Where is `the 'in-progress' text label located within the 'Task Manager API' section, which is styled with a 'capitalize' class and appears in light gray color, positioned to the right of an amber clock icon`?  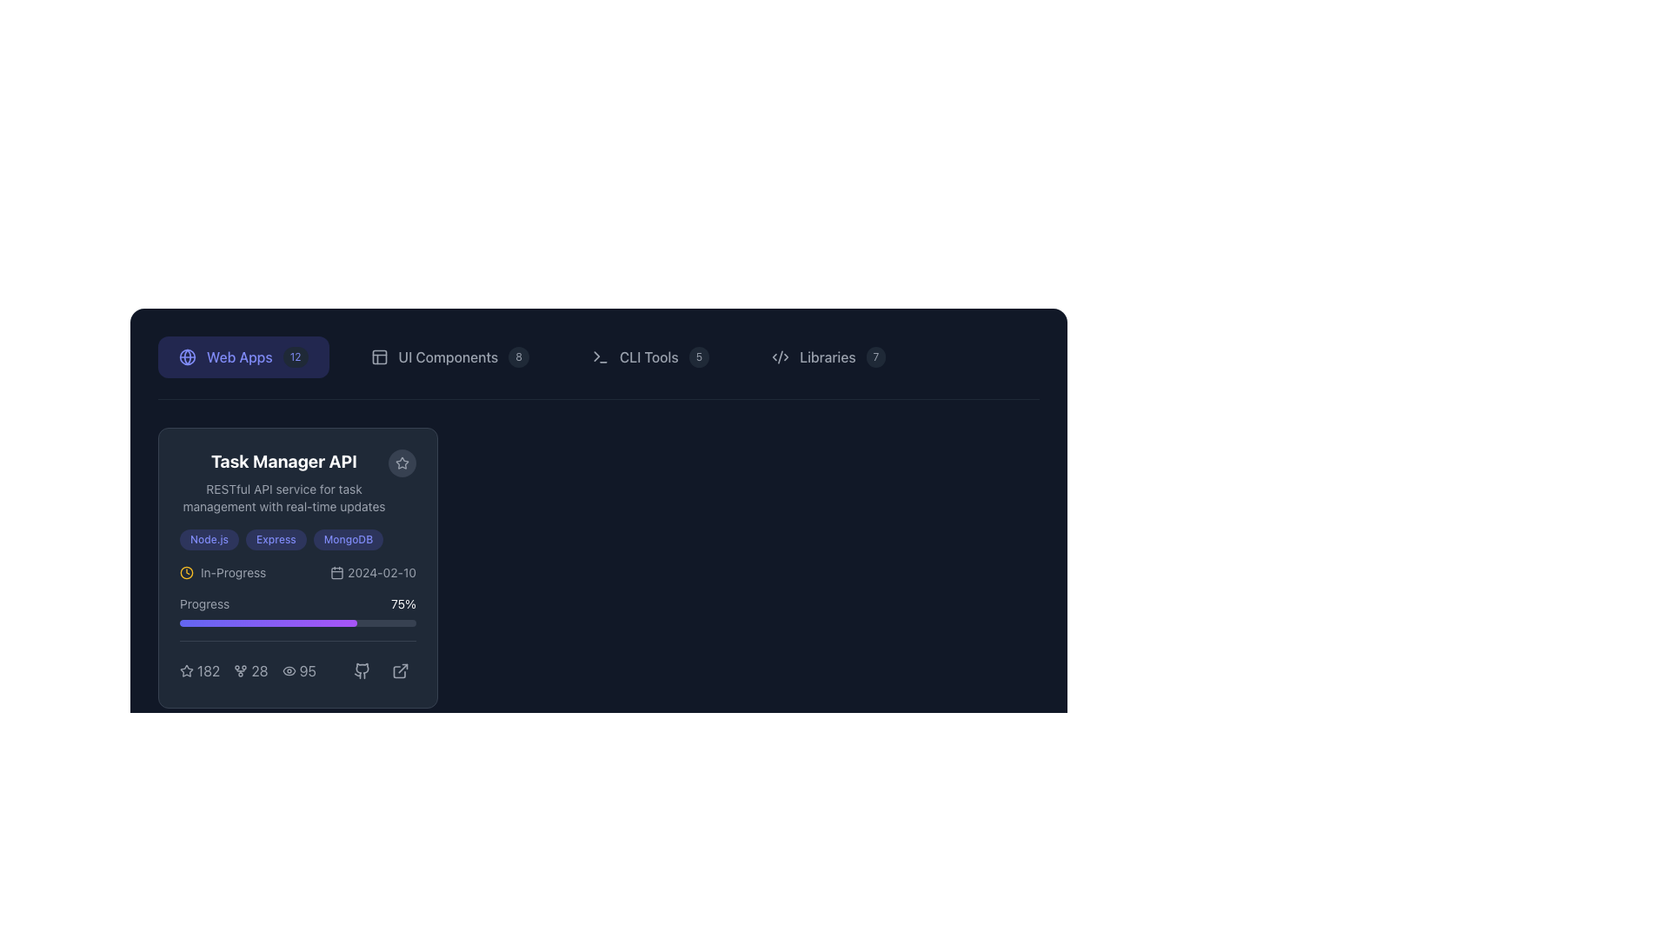 the 'in-progress' text label located within the 'Task Manager API' section, which is styled with a 'capitalize' class and appears in light gray color, positioned to the right of an amber clock icon is located at coordinates (232, 573).